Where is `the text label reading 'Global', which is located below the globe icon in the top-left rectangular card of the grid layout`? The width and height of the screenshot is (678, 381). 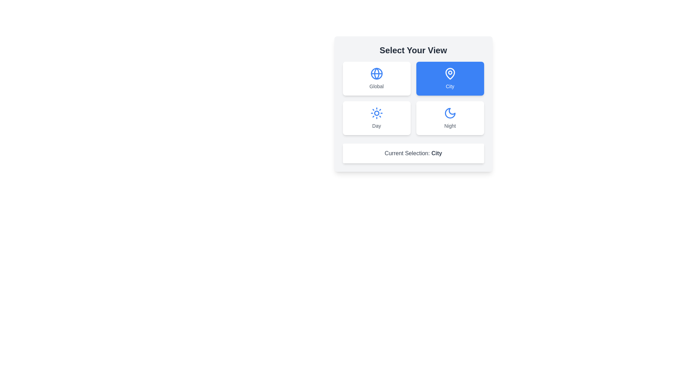 the text label reading 'Global', which is located below the globe icon in the top-left rectangular card of the grid layout is located at coordinates (376, 86).